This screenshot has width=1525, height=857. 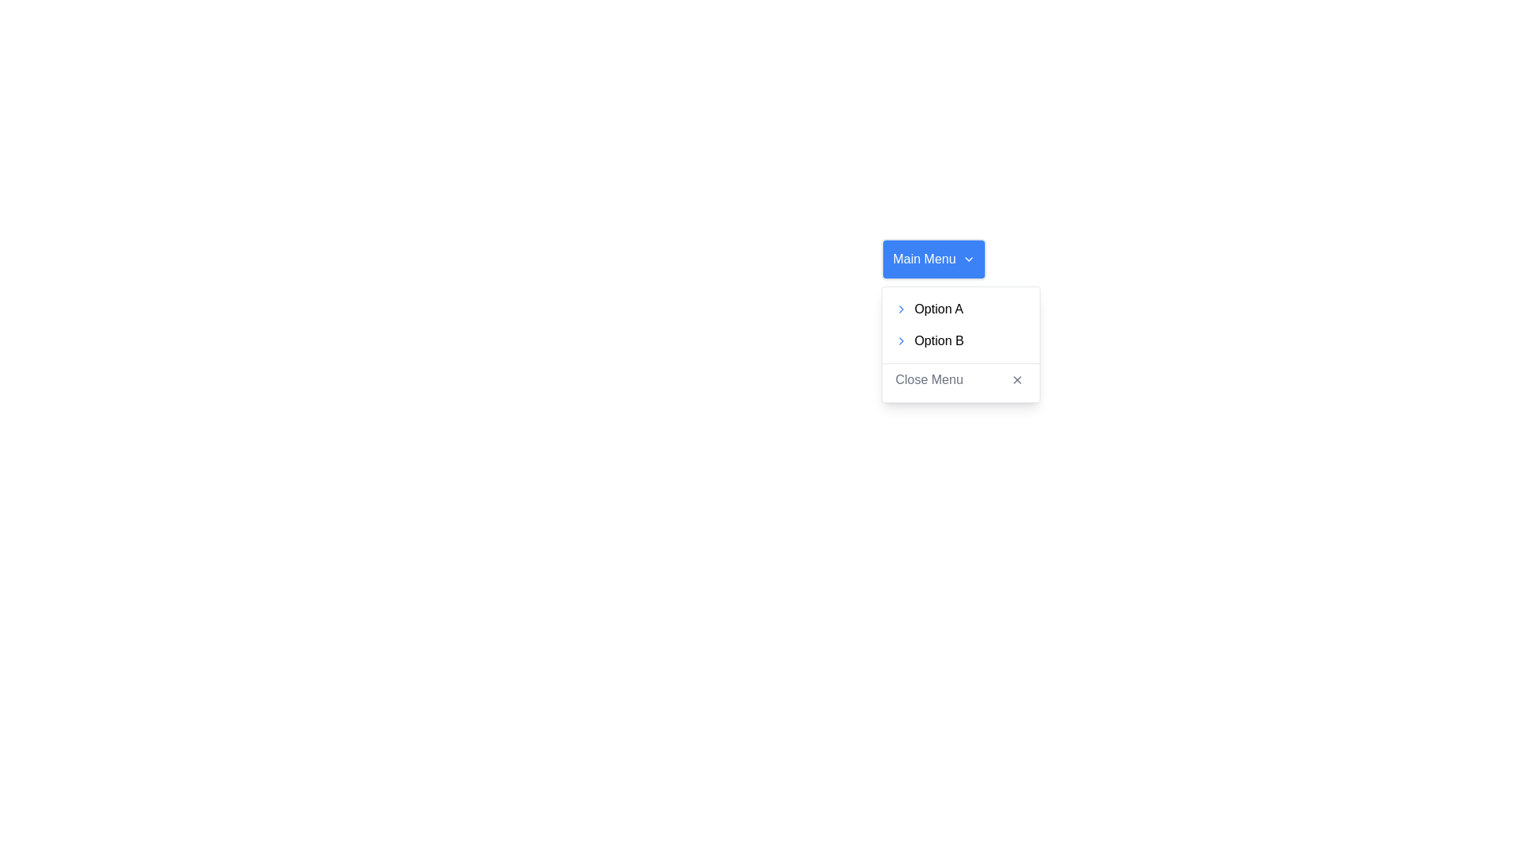 What do you see at coordinates (960, 344) in the screenshot?
I see `the second option 'Option B' from the dropdown menu located below the 'Main Menu' button` at bounding box center [960, 344].